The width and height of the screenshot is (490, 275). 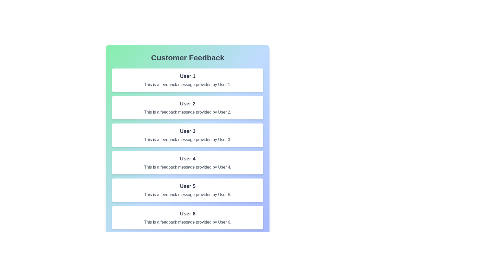 What do you see at coordinates (187, 112) in the screenshot?
I see `text content displayed in the feedback label for User 2, which is positioned within a card under the header 'User 2.'` at bounding box center [187, 112].